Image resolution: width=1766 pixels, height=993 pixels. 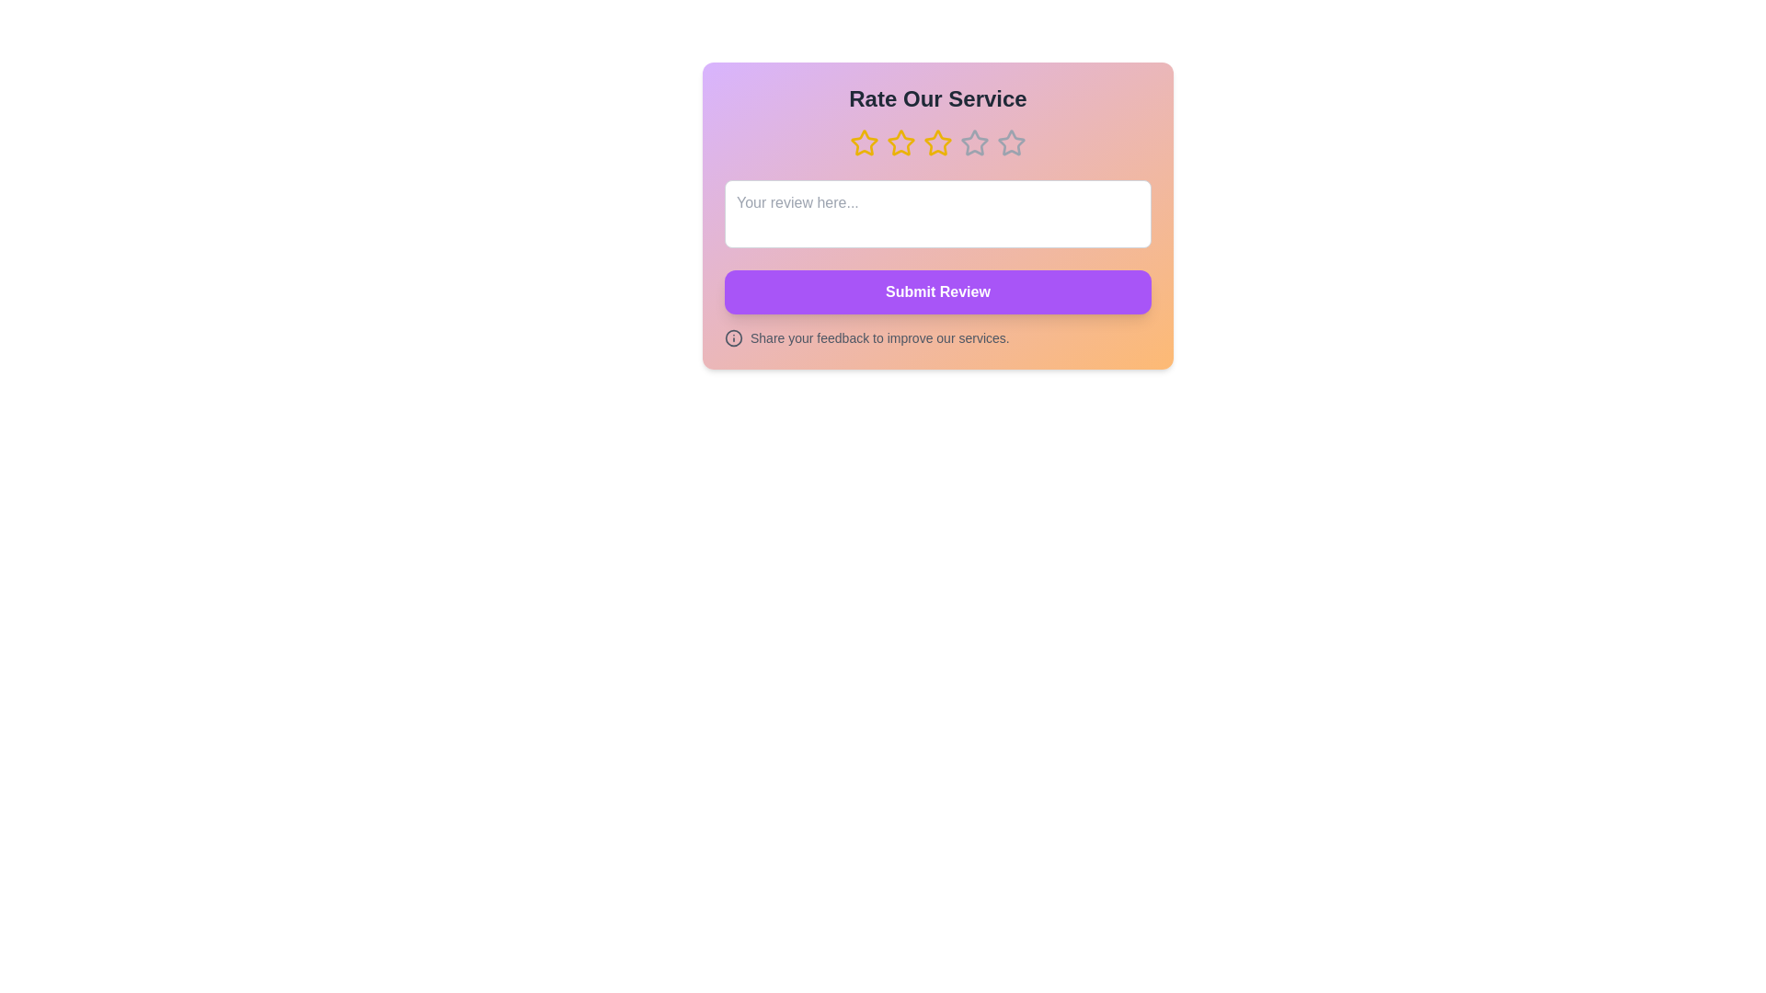 What do you see at coordinates (937, 142) in the screenshot?
I see `across the row of star icons in the Rating component` at bounding box center [937, 142].